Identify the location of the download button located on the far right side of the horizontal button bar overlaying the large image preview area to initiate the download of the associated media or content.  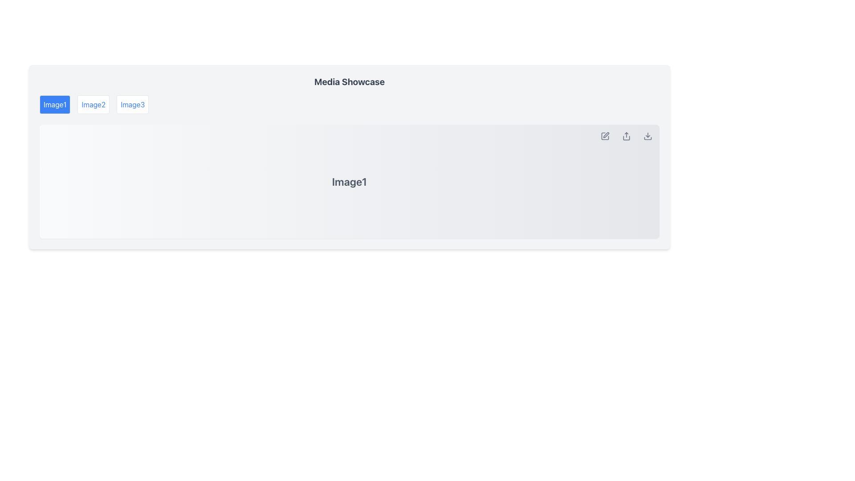
(647, 136).